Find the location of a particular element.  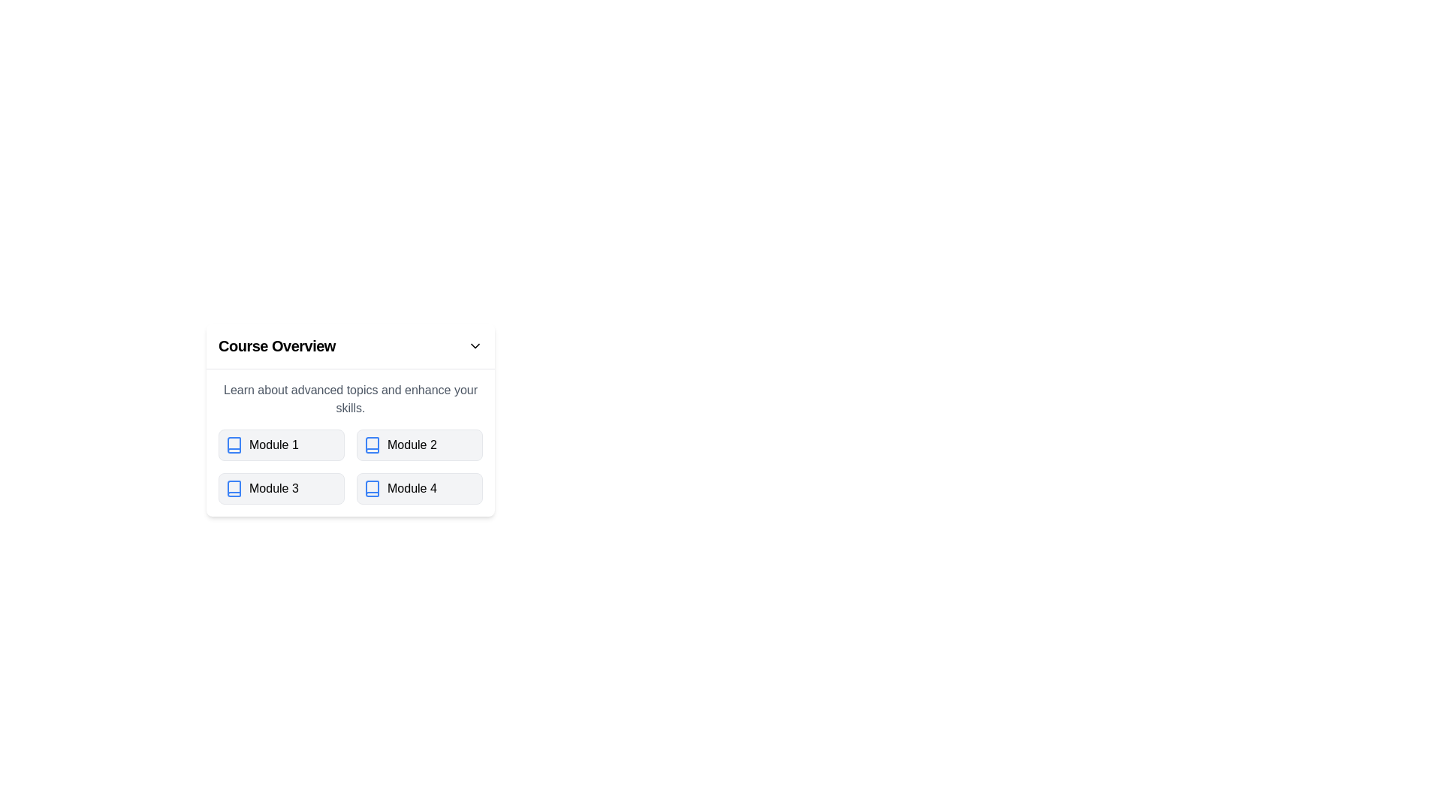

the icon representing 'Module 2' located in the second tile of the course interface grid, left-aligned to the text 'Module 2' is located at coordinates (372, 445).